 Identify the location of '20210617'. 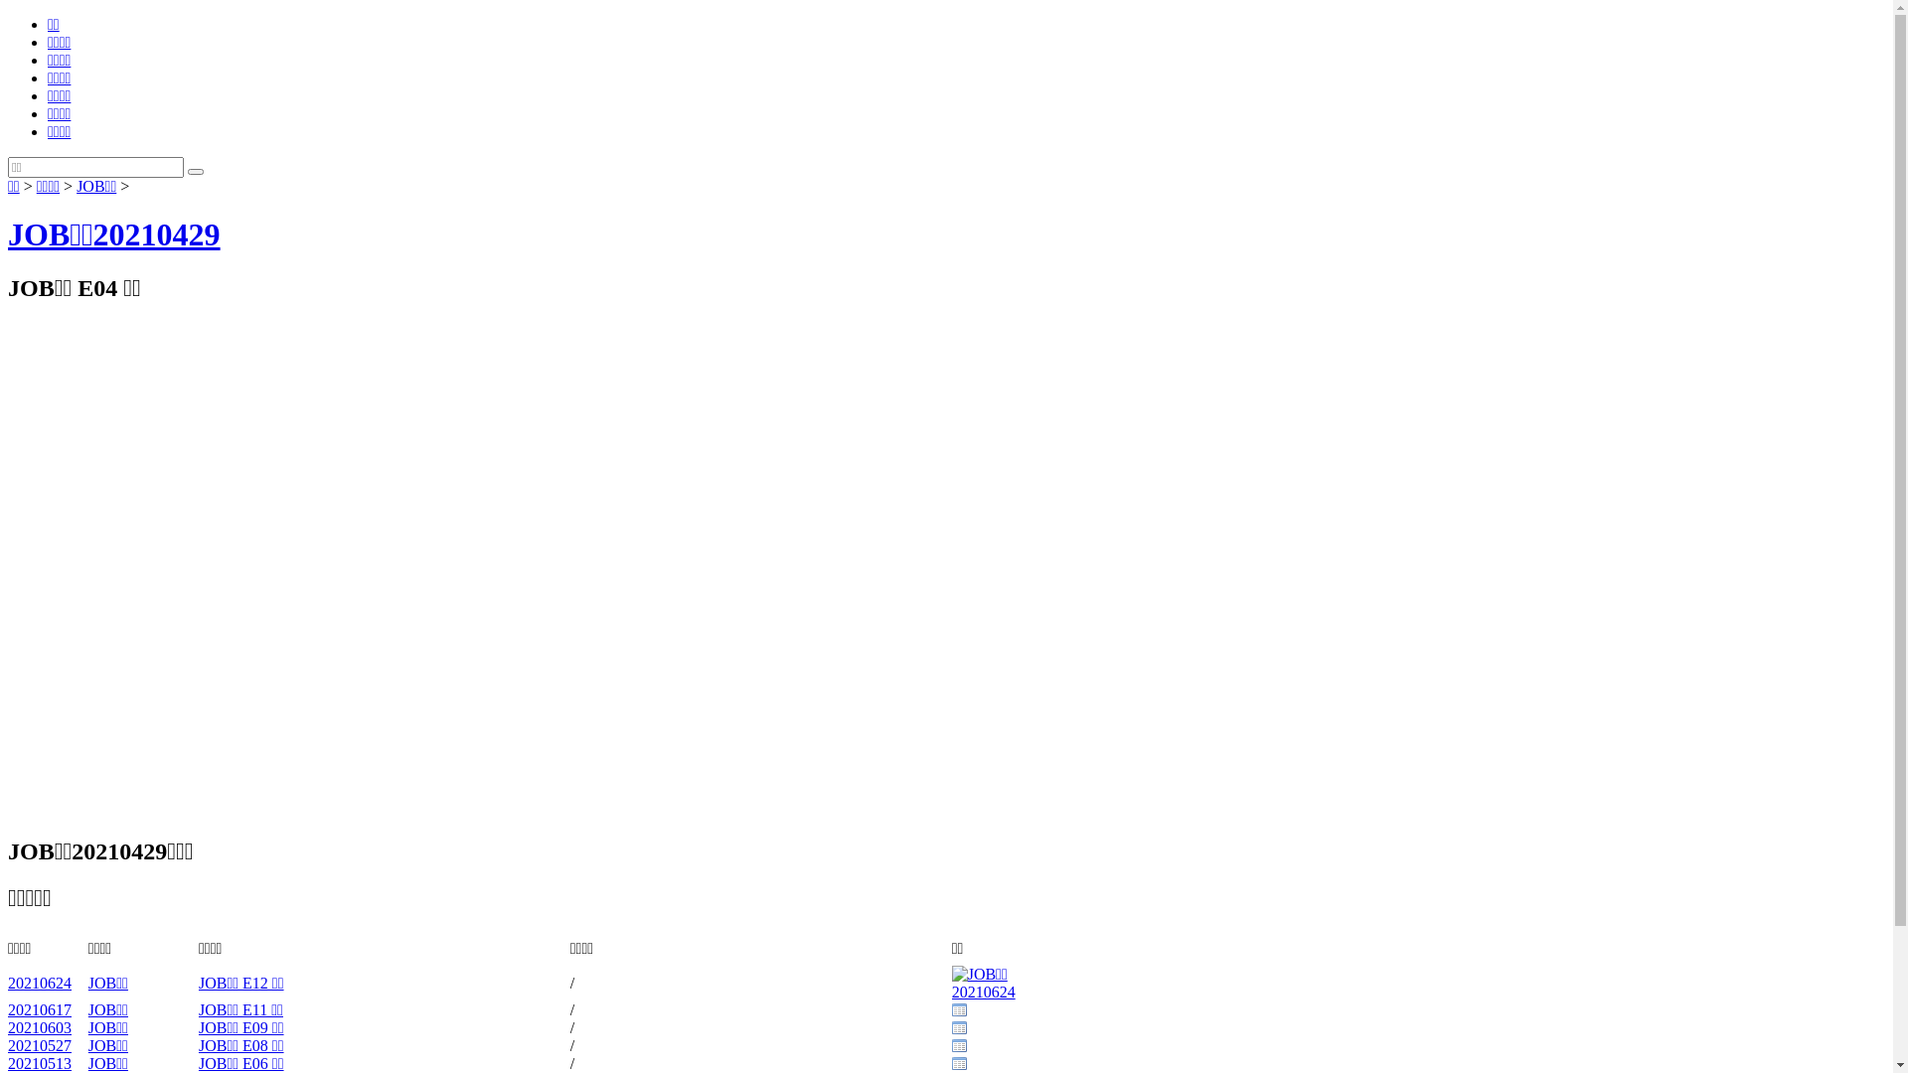
(39, 1009).